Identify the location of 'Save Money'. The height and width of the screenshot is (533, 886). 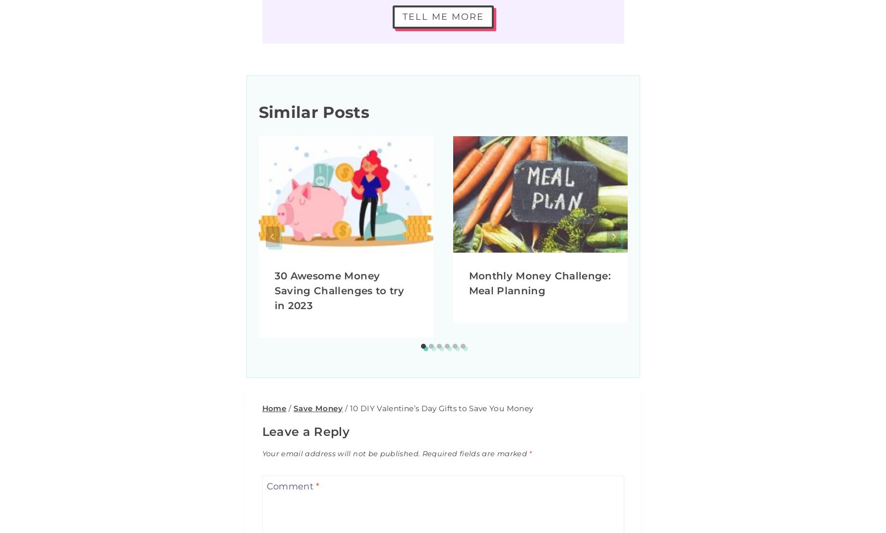
(317, 407).